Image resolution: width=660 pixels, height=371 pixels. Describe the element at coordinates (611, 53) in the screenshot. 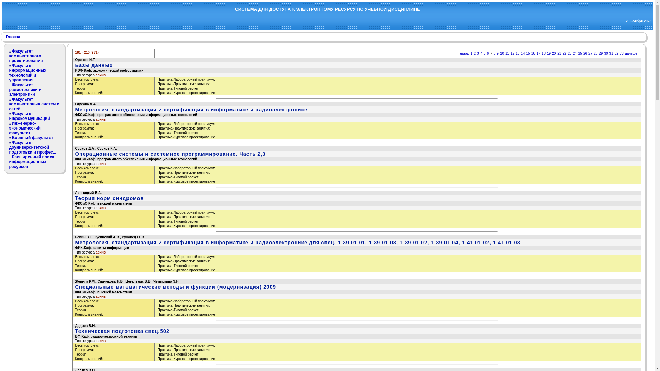

I see `'31'` at that location.